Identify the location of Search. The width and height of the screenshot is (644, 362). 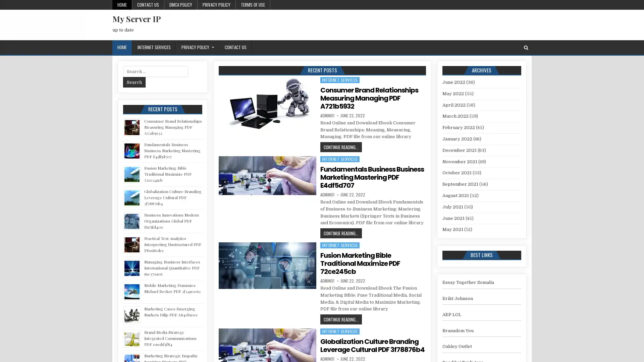
(134, 82).